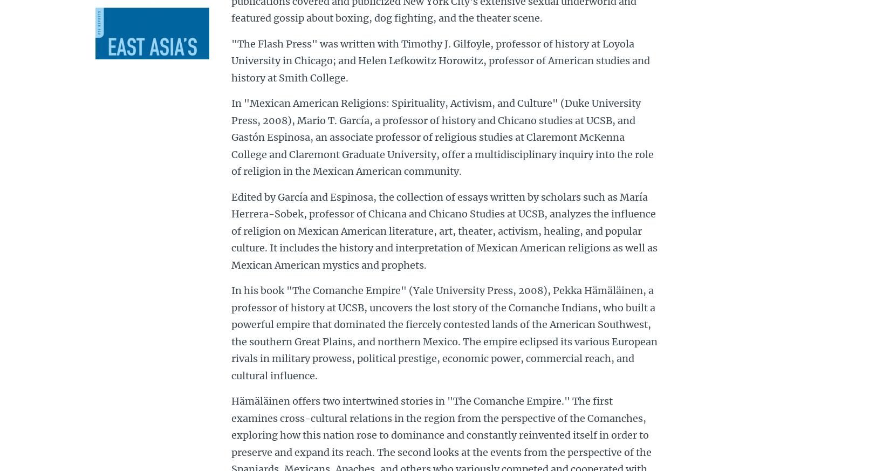  I want to click on 'About UC Santa Barbara', so click(95, 50).